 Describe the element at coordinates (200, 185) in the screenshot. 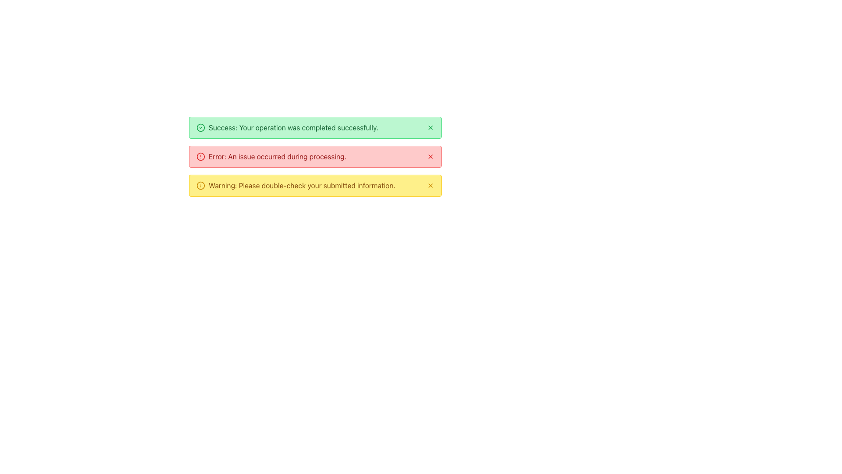

I see `the informational icon located at the far left of the warning message bar that reads, 'Warning: Please double-check your submitted information.'` at that location.